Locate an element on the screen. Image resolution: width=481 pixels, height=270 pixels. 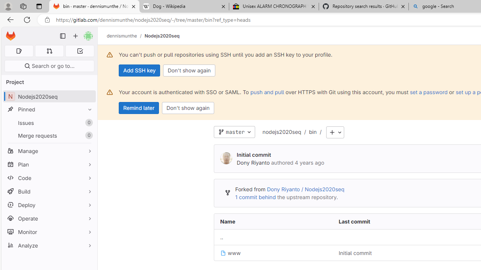
'Merge requests 0' is located at coordinates (49, 135).